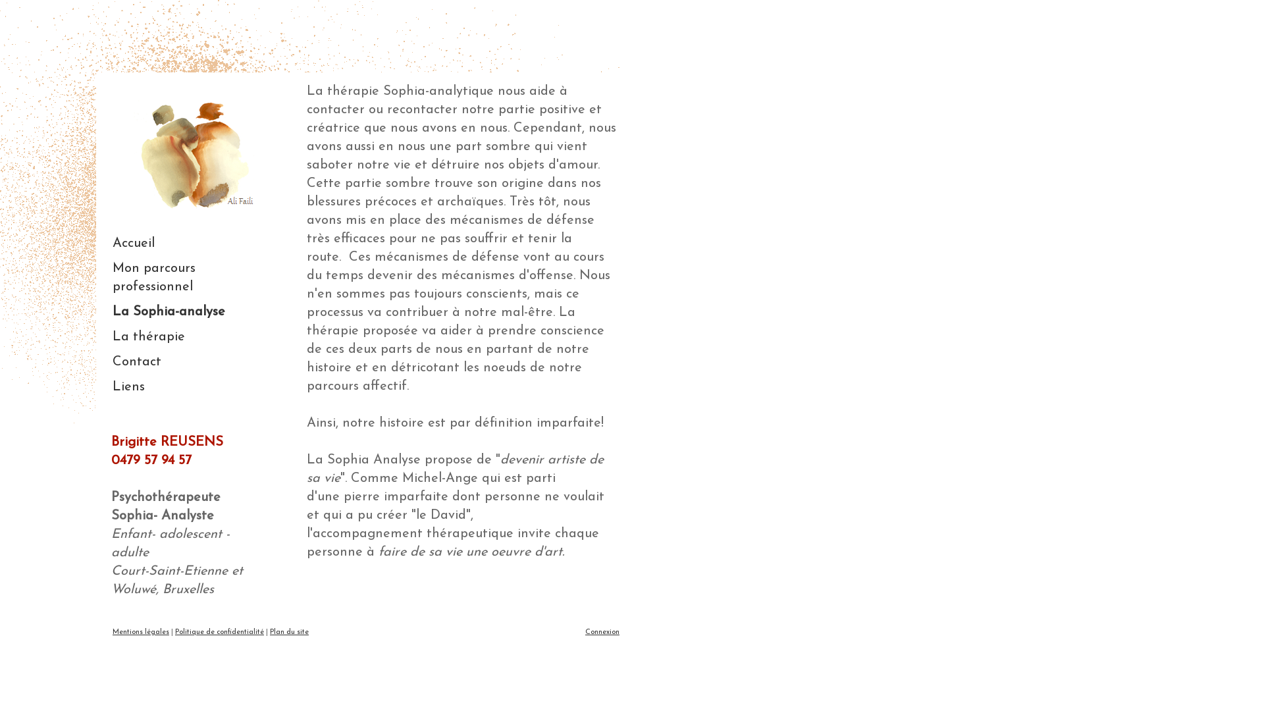 The image size is (1264, 711). I want to click on 'La Sophia-analyse', so click(186, 312).